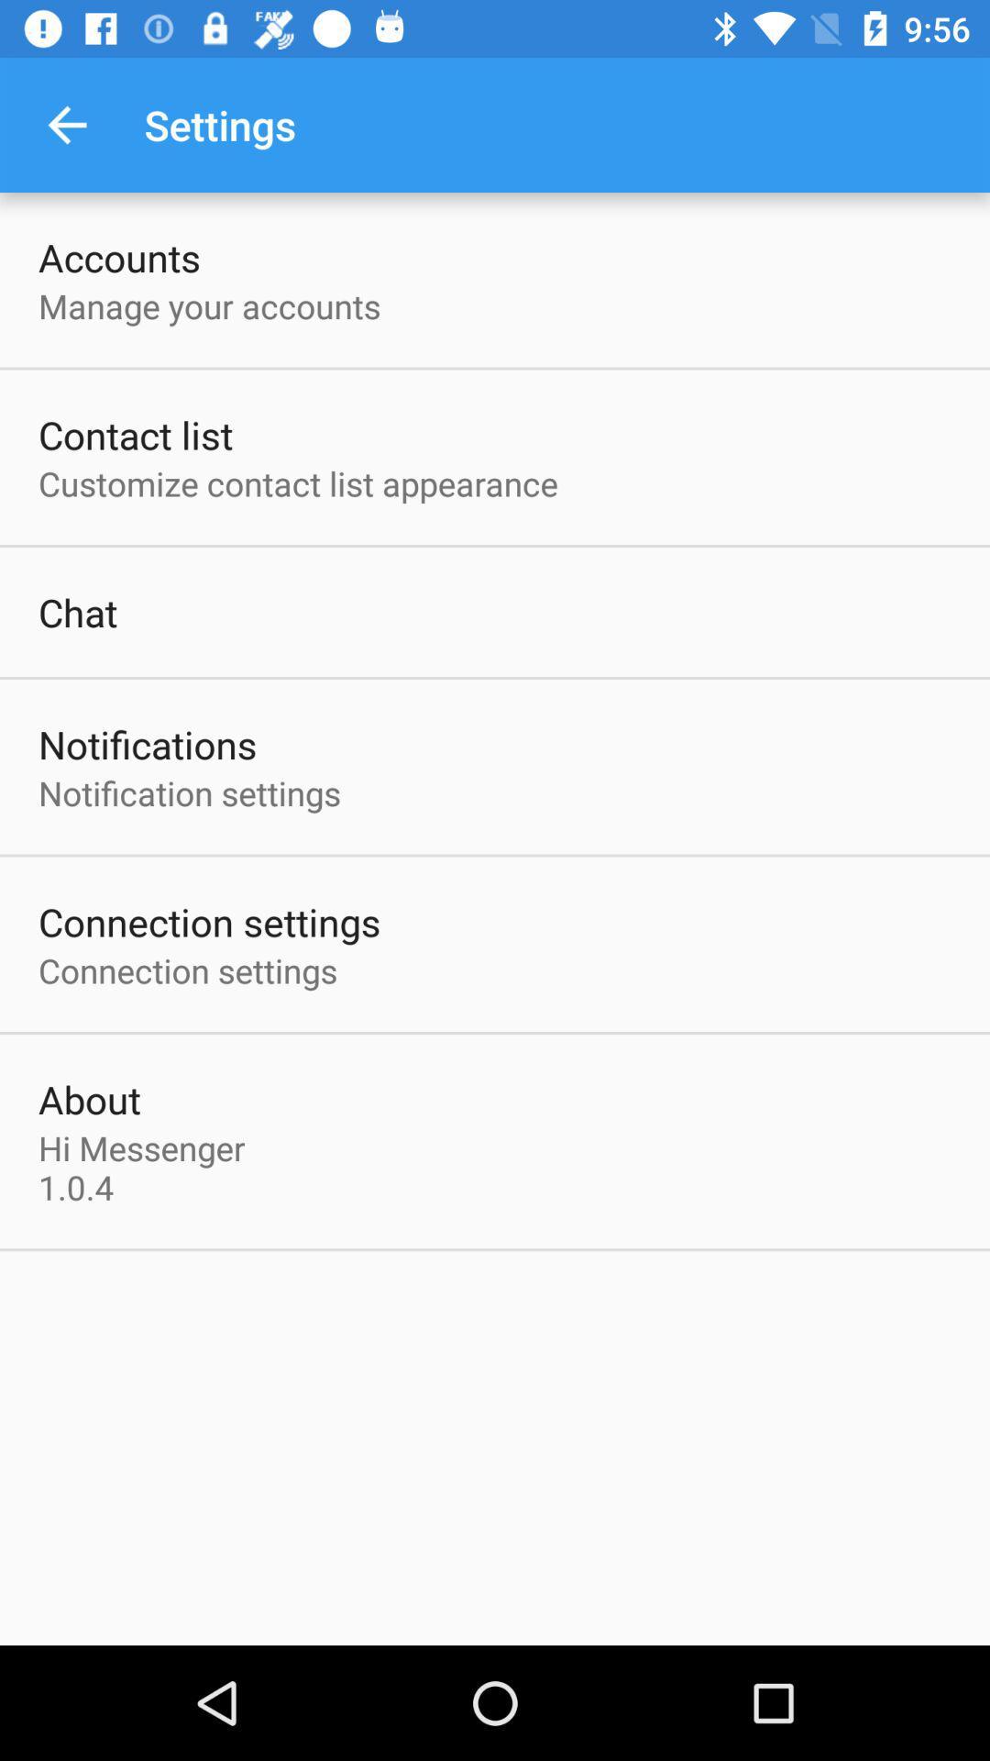 The height and width of the screenshot is (1761, 990). I want to click on icon above contact list, so click(208, 305).